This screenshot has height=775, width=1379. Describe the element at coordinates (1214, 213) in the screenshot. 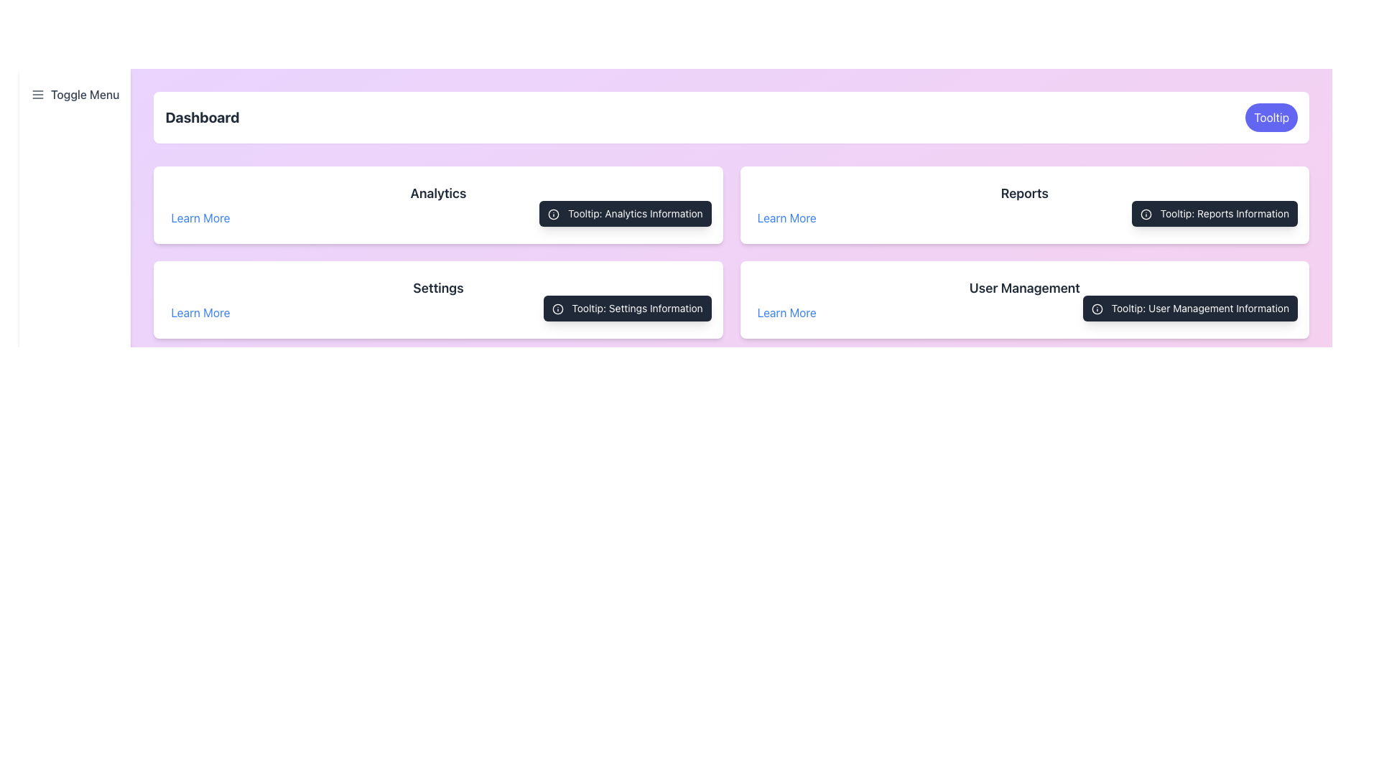

I see `the tooltip styled as a dark rectangle with round corners containing the text 'Tooltip: Reports Information' and an information icon, located in the 'Reports' section adjacent to the 'Learn More' link` at that location.